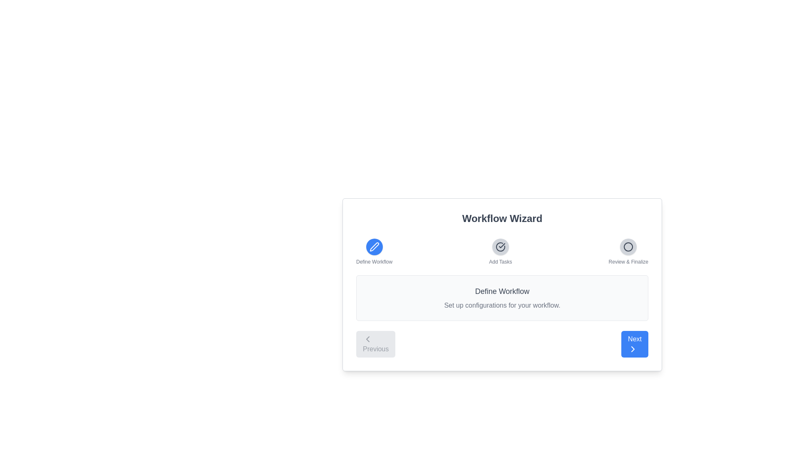 Image resolution: width=799 pixels, height=449 pixels. What do you see at coordinates (628, 247) in the screenshot?
I see `the Indicator icon in the 'Review & Finalize' section of the workflow wizard, which serves as a visual marker for the current or selectable step` at bounding box center [628, 247].